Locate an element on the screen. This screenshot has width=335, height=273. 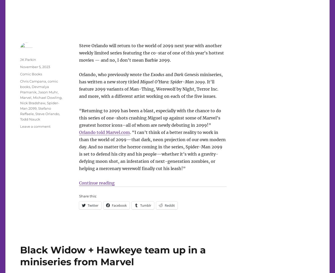
'miniseries, has written a new story titled' is located at coordinates (150, 78).